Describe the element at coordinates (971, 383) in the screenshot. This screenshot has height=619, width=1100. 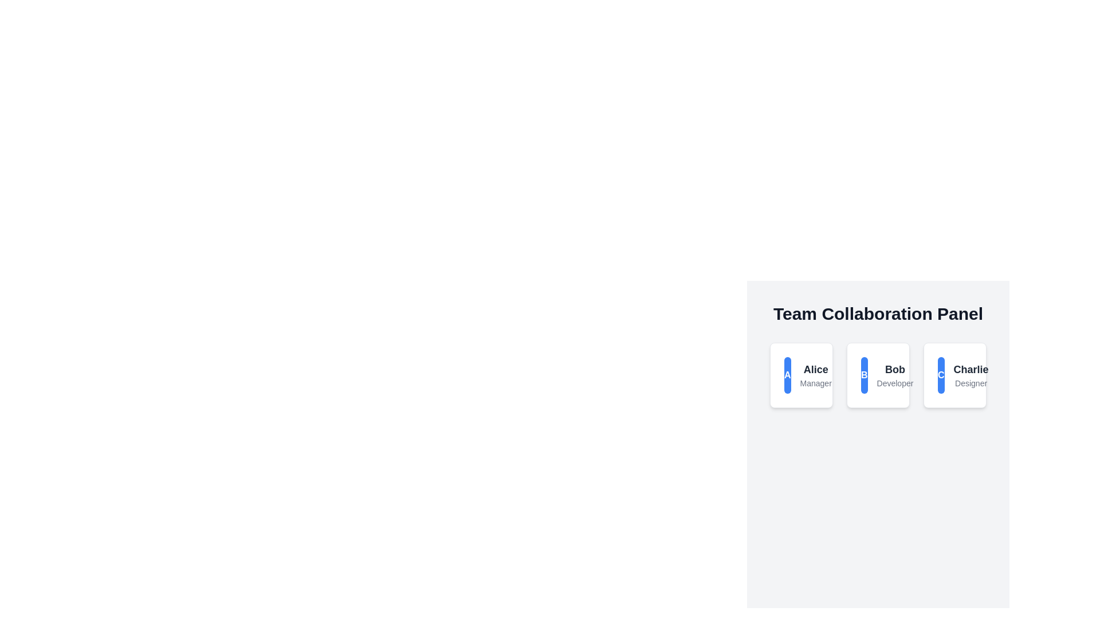
I see `text content of the label indicating the role or designation of 'Charlie' in the team collaboration panel, located under the card labeled 'Charlie'` at that location.